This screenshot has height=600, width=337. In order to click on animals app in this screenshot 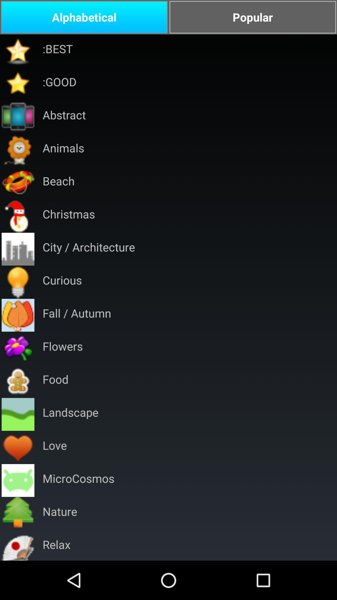, I will do `click(63, 150)`.